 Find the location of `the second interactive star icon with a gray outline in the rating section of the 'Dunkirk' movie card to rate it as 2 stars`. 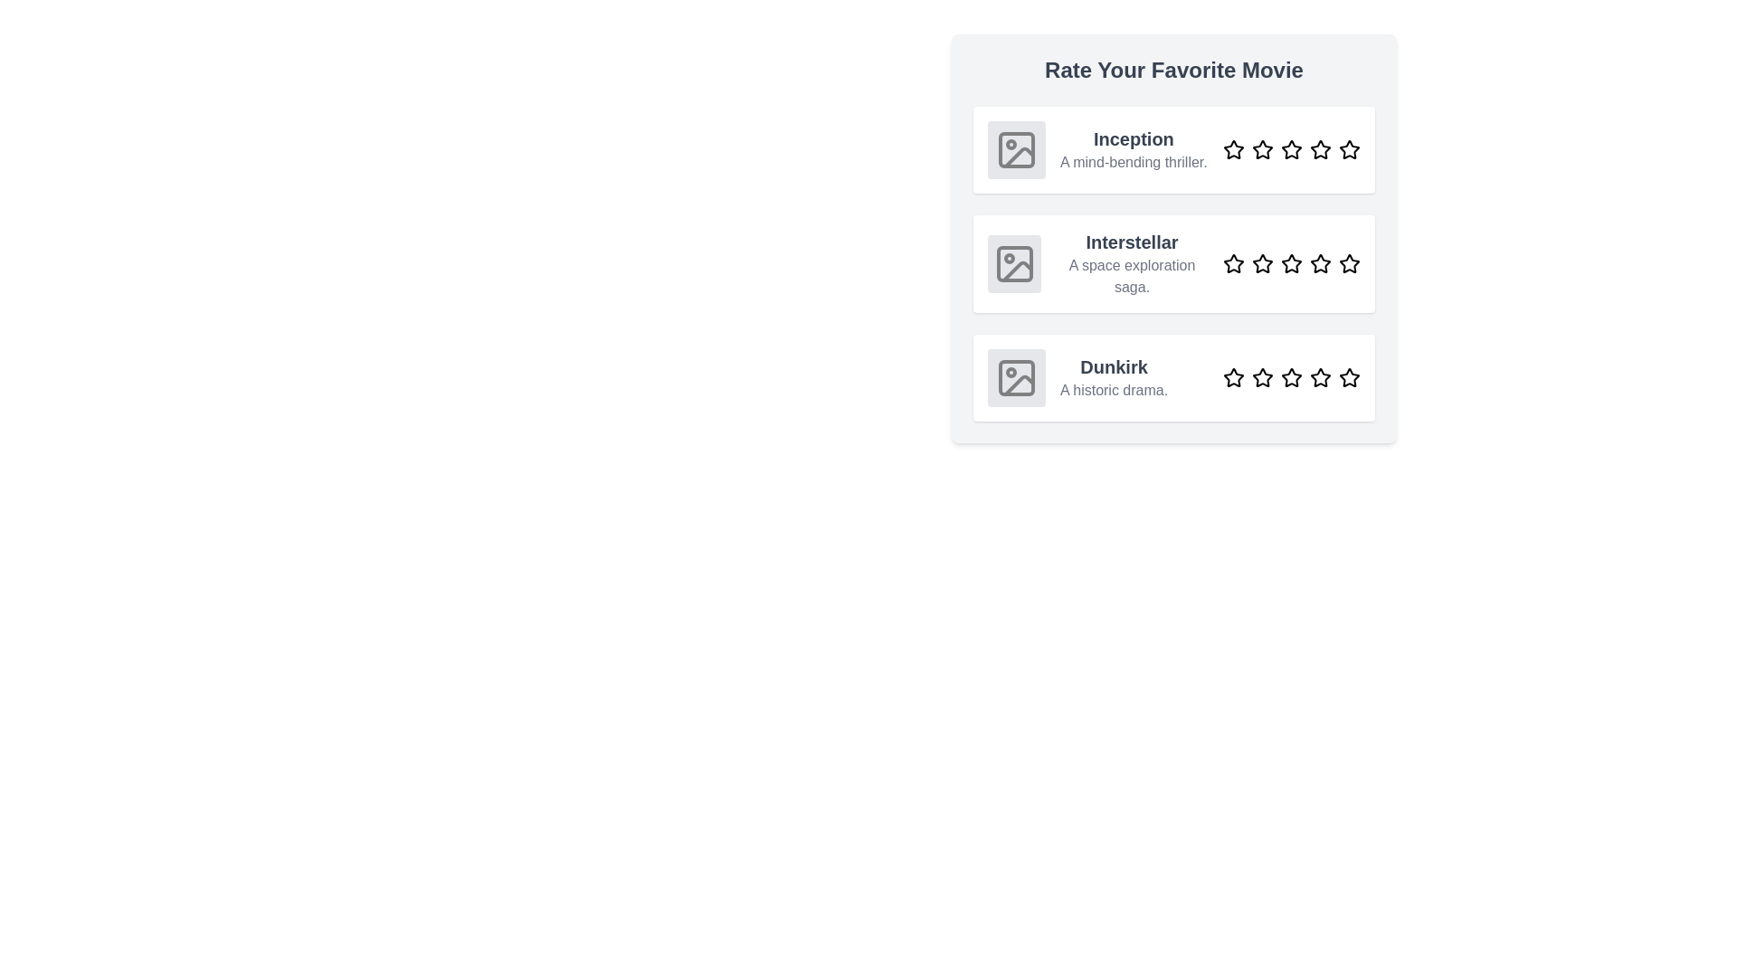

the second interactive star icon with a gray outline in the rating section of the 'Dunkirk' movie card to rate it as 2 stars is located at coordinates (1262, 376).